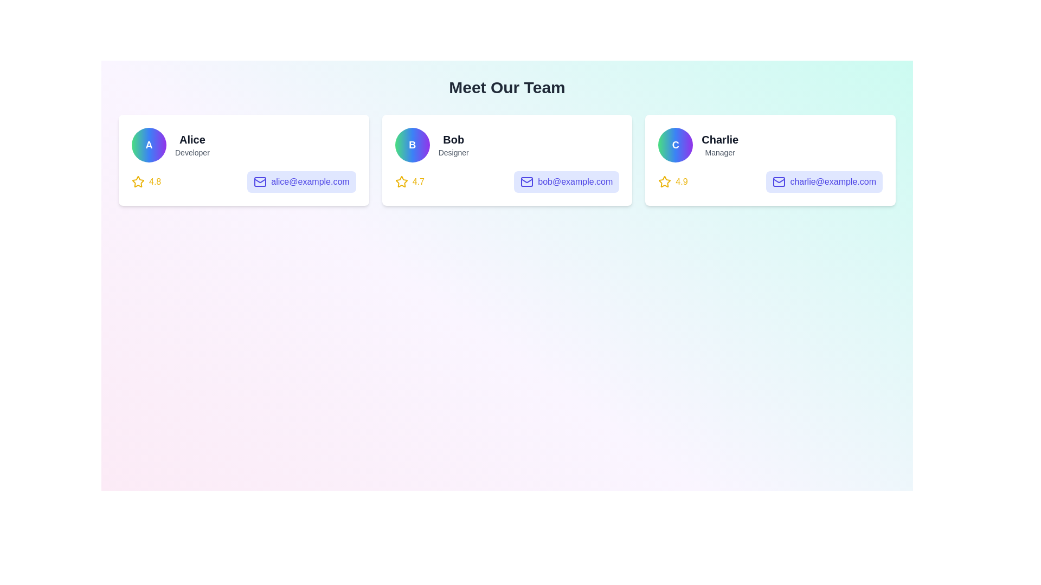 Image resolution: width=1041 pixels, height=585 pixels. Describe the element at coordinates (301, 181) in the screenshot. I see `the clickable email link for 'Alice' which displays 'alice@example.com' next to an envelope icon` at that location.